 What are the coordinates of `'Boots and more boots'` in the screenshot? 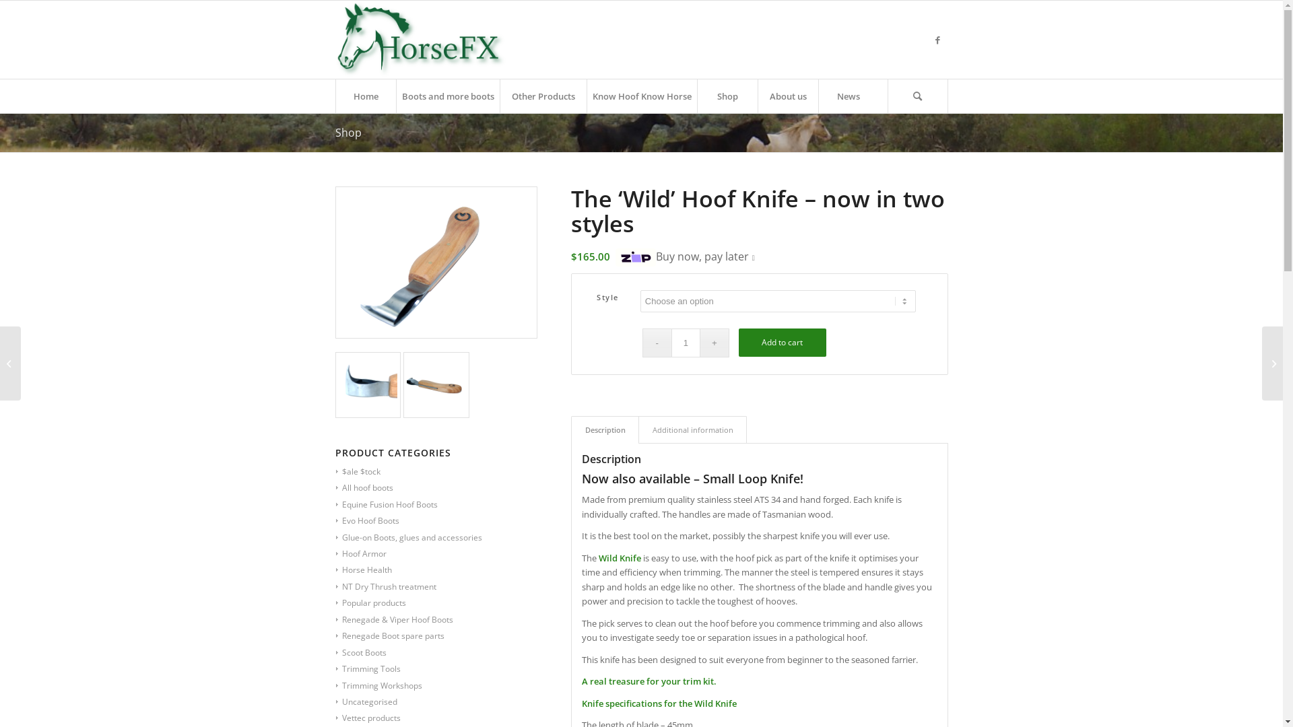 It's located at (448, 95).